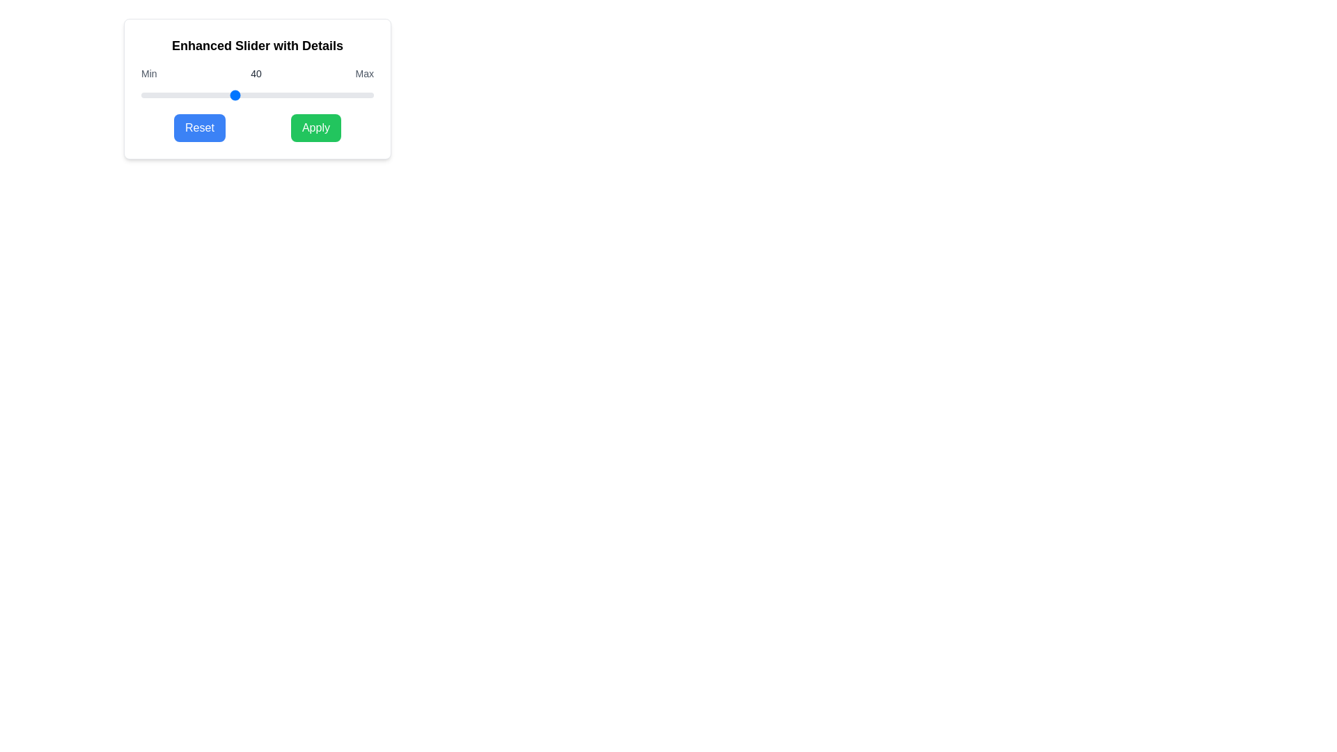 This screenshot has width=1337, height=752. I want to click on the slider, so click(234, 95).